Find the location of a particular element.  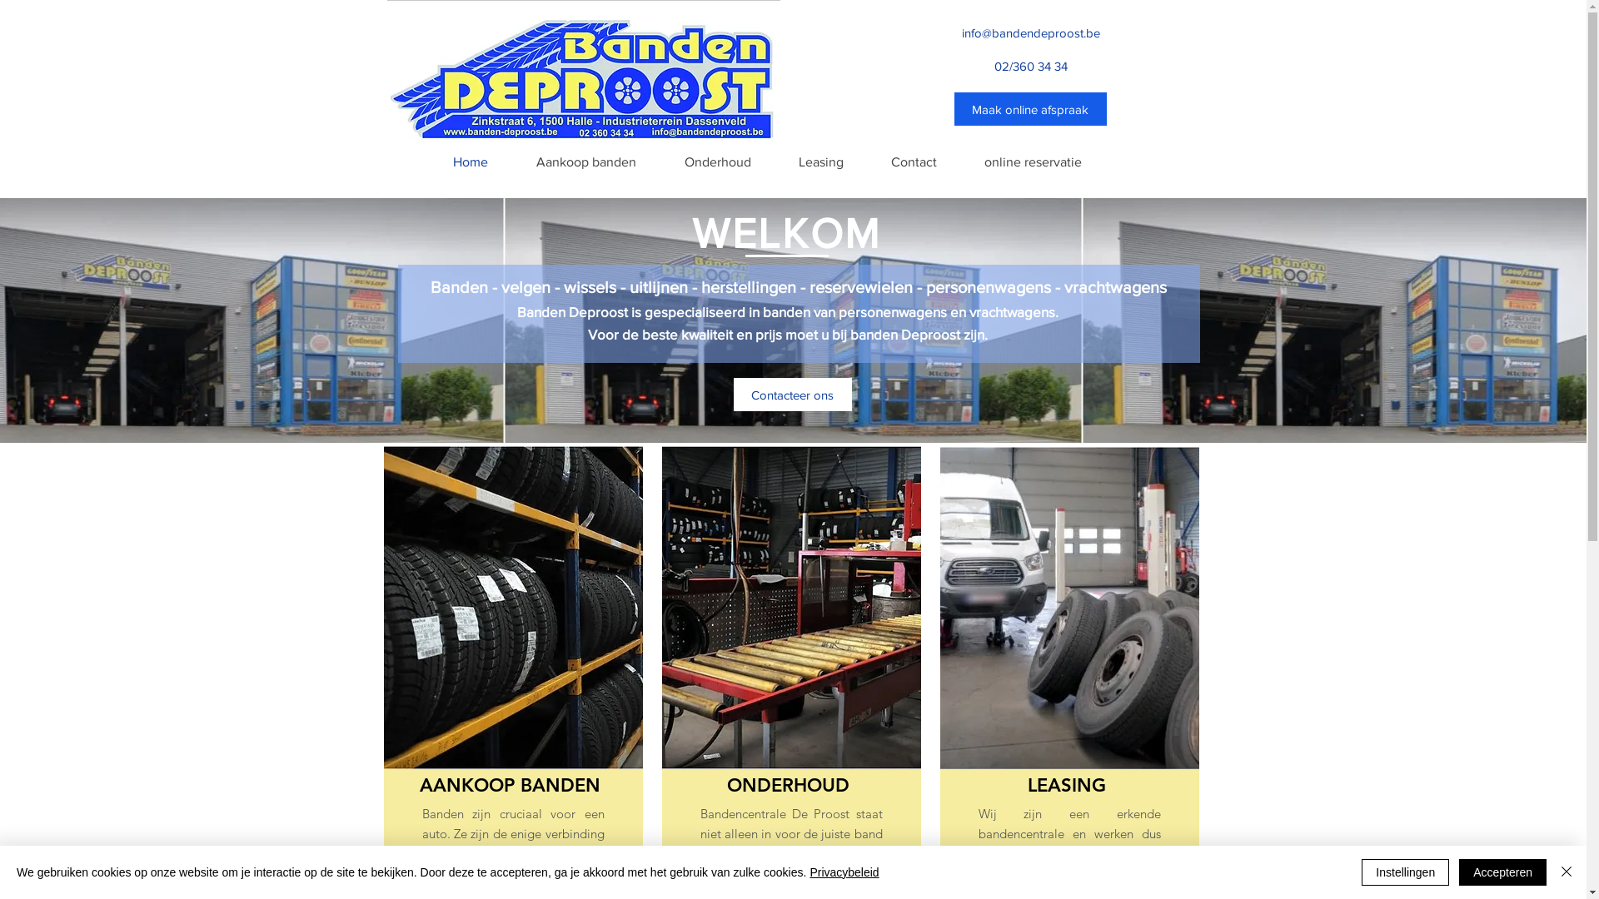

'info@bandendeproost.be' is located at coordinates (1029, 32).